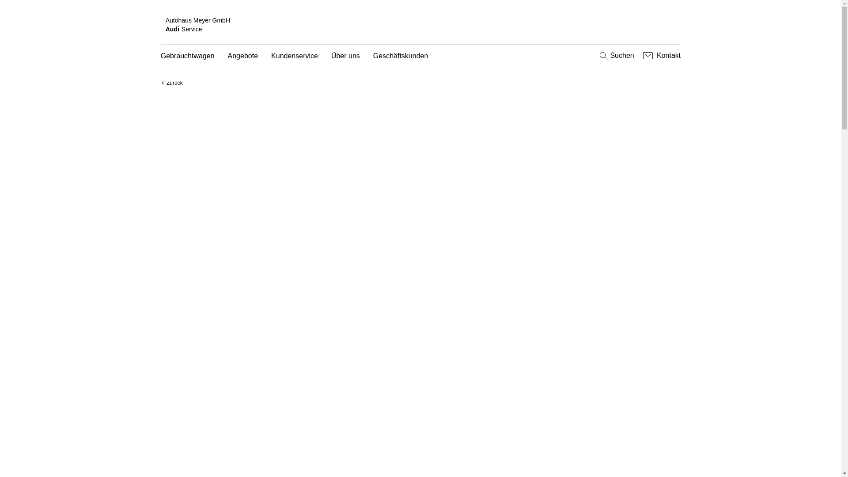  Describe the element at coordinates (640, 56) in the screenshot. I see `'Kontakt'` at that location.